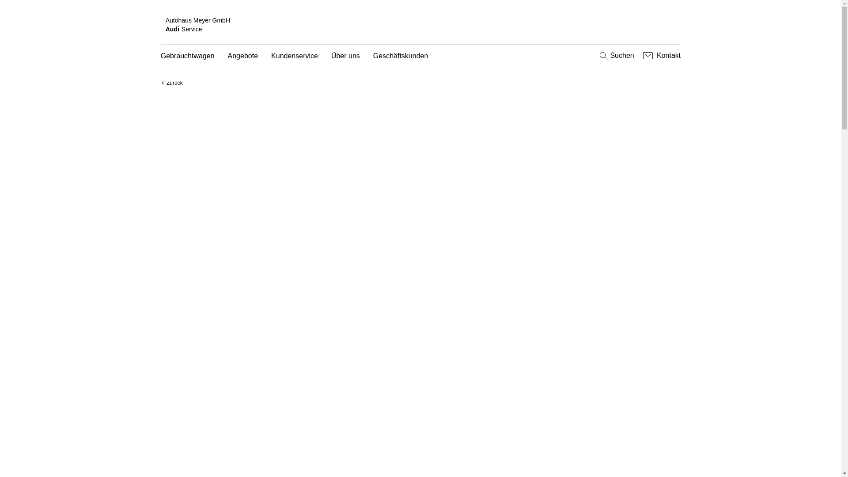  Describe the element at coordinates (640, 56) in the screenshot. I see `'Kontakt'` at that location.